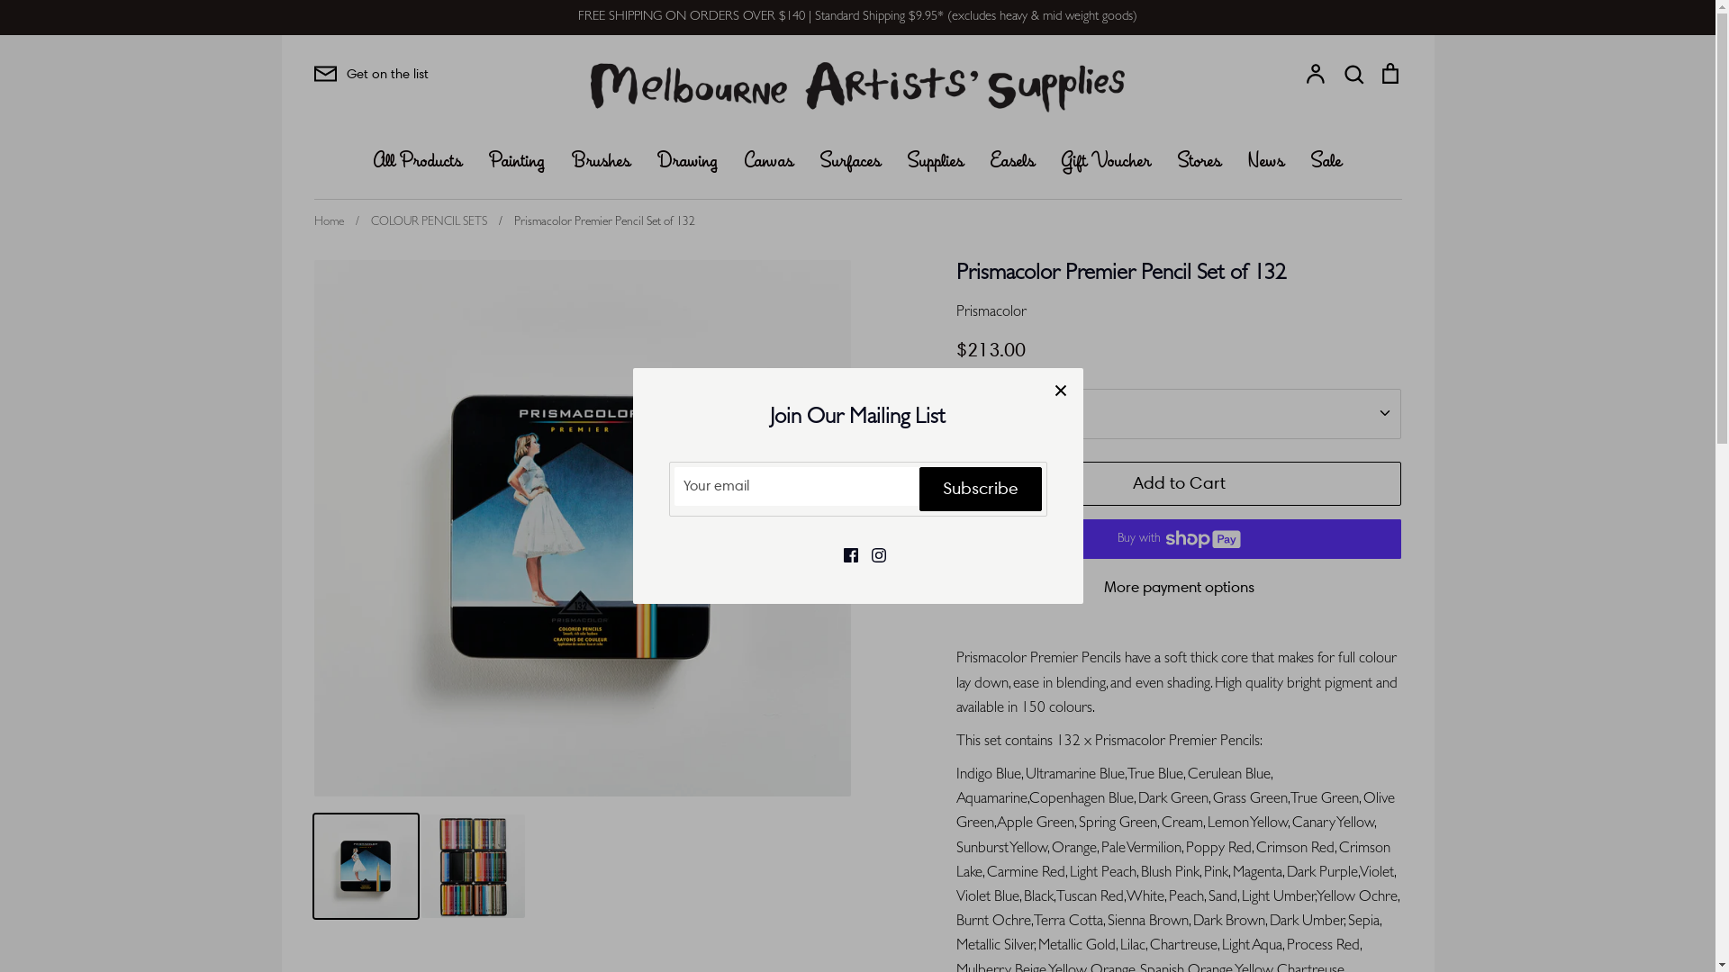 The image size is (1729, 972). I want to click on 'Drawing', so click(686, 162).